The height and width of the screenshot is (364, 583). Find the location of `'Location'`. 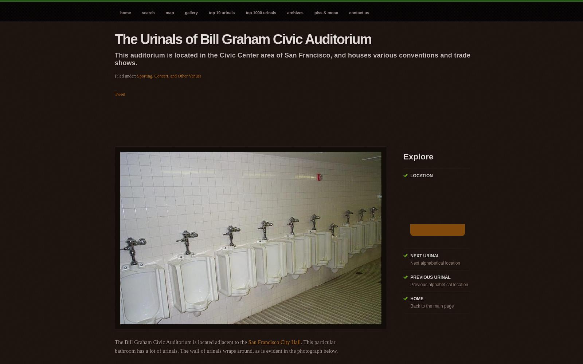

'Location' is located at coordinates (421, 175).